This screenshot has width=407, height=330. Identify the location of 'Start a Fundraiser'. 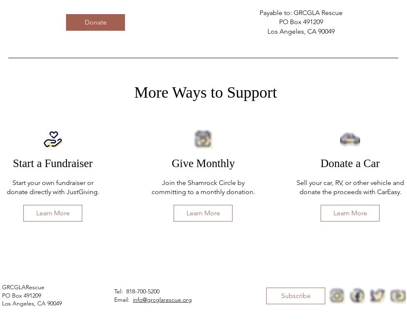
(52, 163).